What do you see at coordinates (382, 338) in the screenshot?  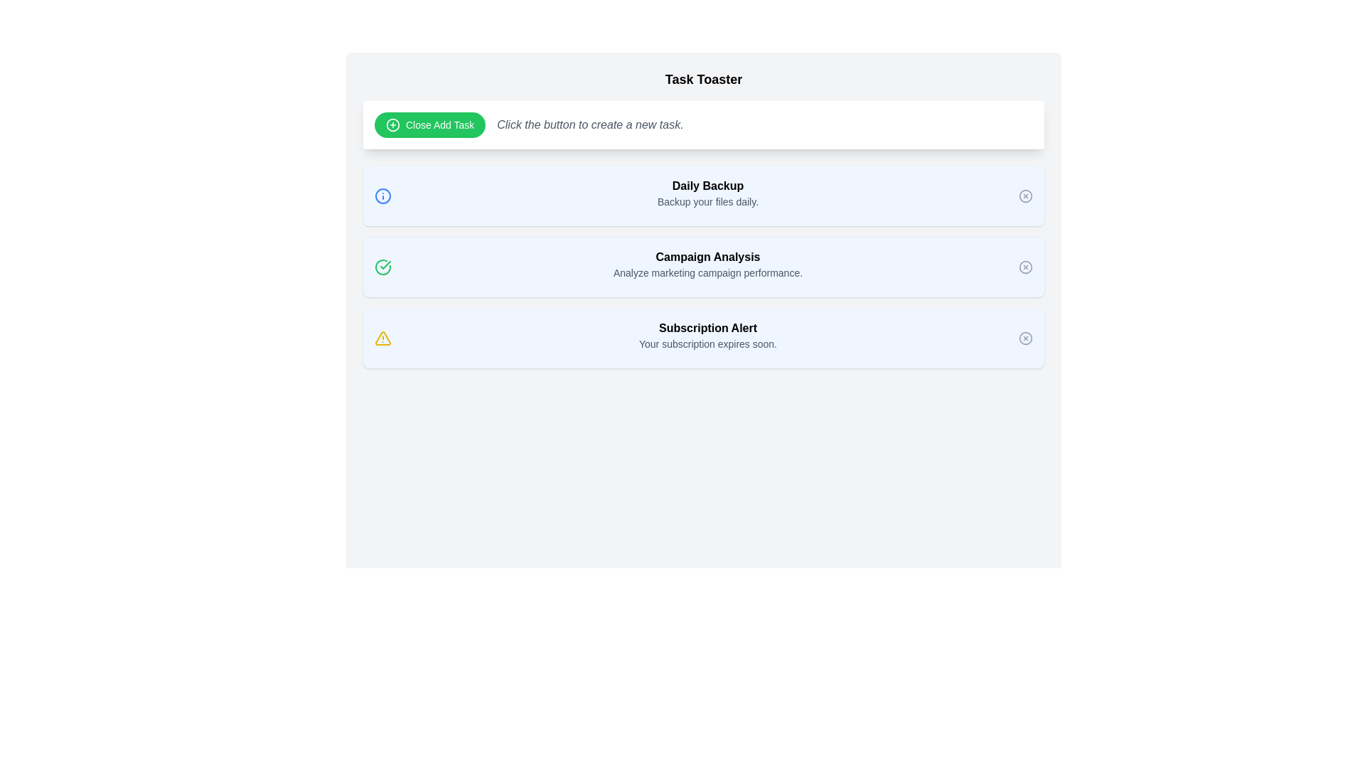 I see `the triangular icon with a yellow border and exclamation mark design, located` at bounding box center [382, 338].